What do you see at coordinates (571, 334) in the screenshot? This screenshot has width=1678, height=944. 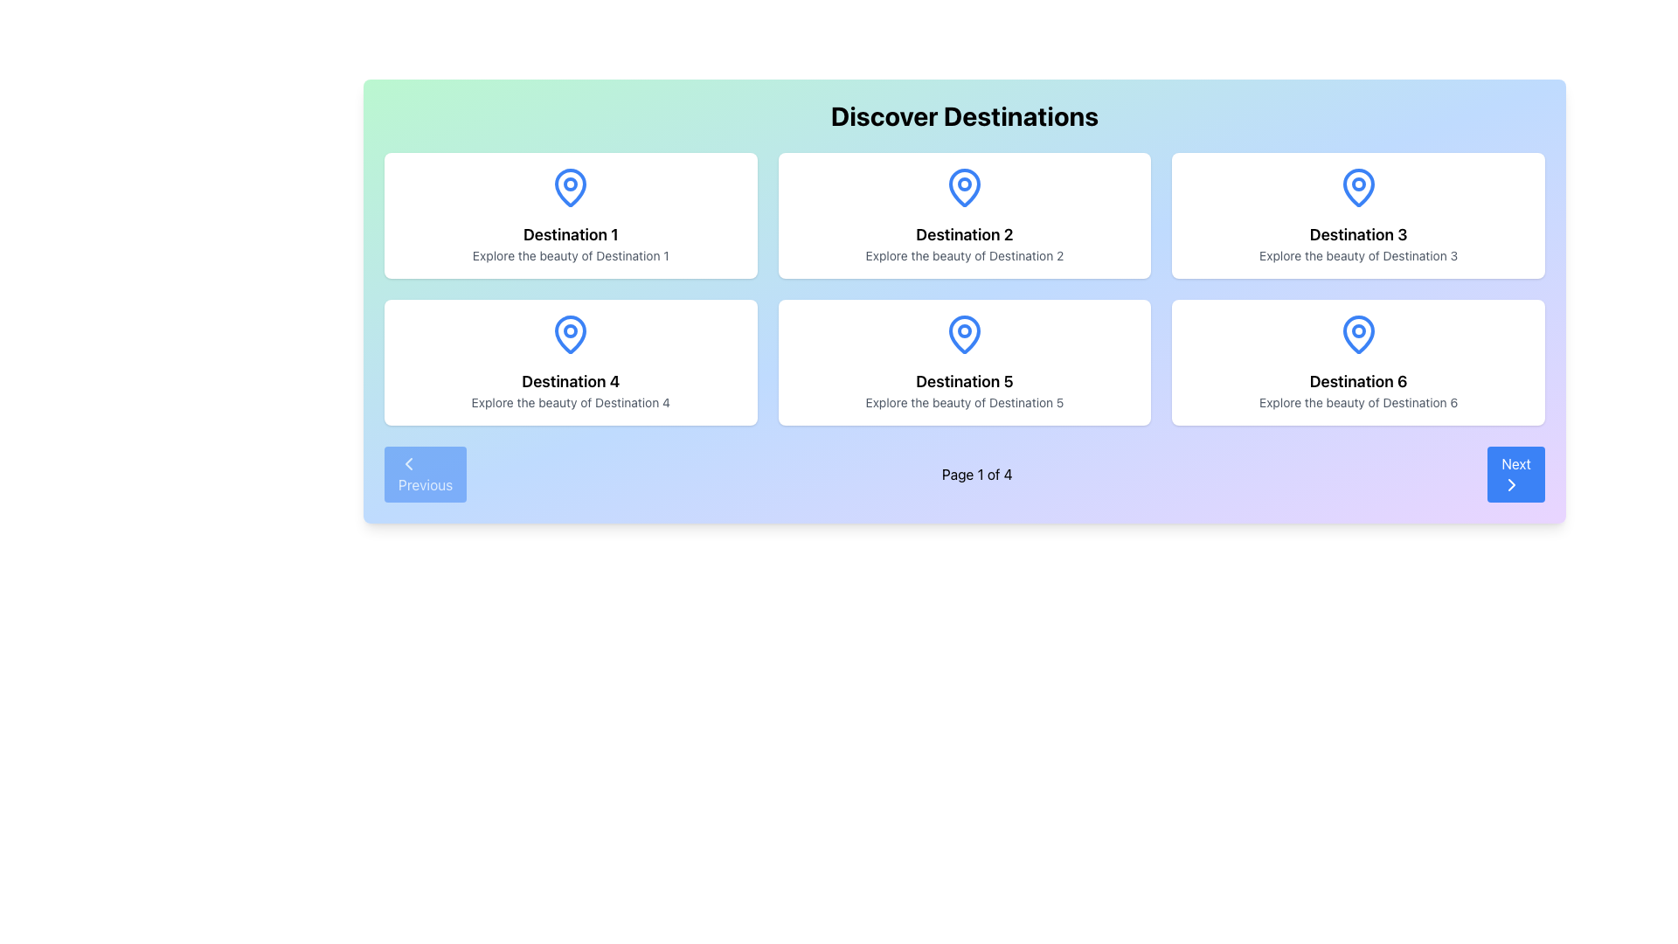 I see `the blue map pin icon located within the white rectangular card labeled 'Destination 4'` at bounding box center [571, 334].